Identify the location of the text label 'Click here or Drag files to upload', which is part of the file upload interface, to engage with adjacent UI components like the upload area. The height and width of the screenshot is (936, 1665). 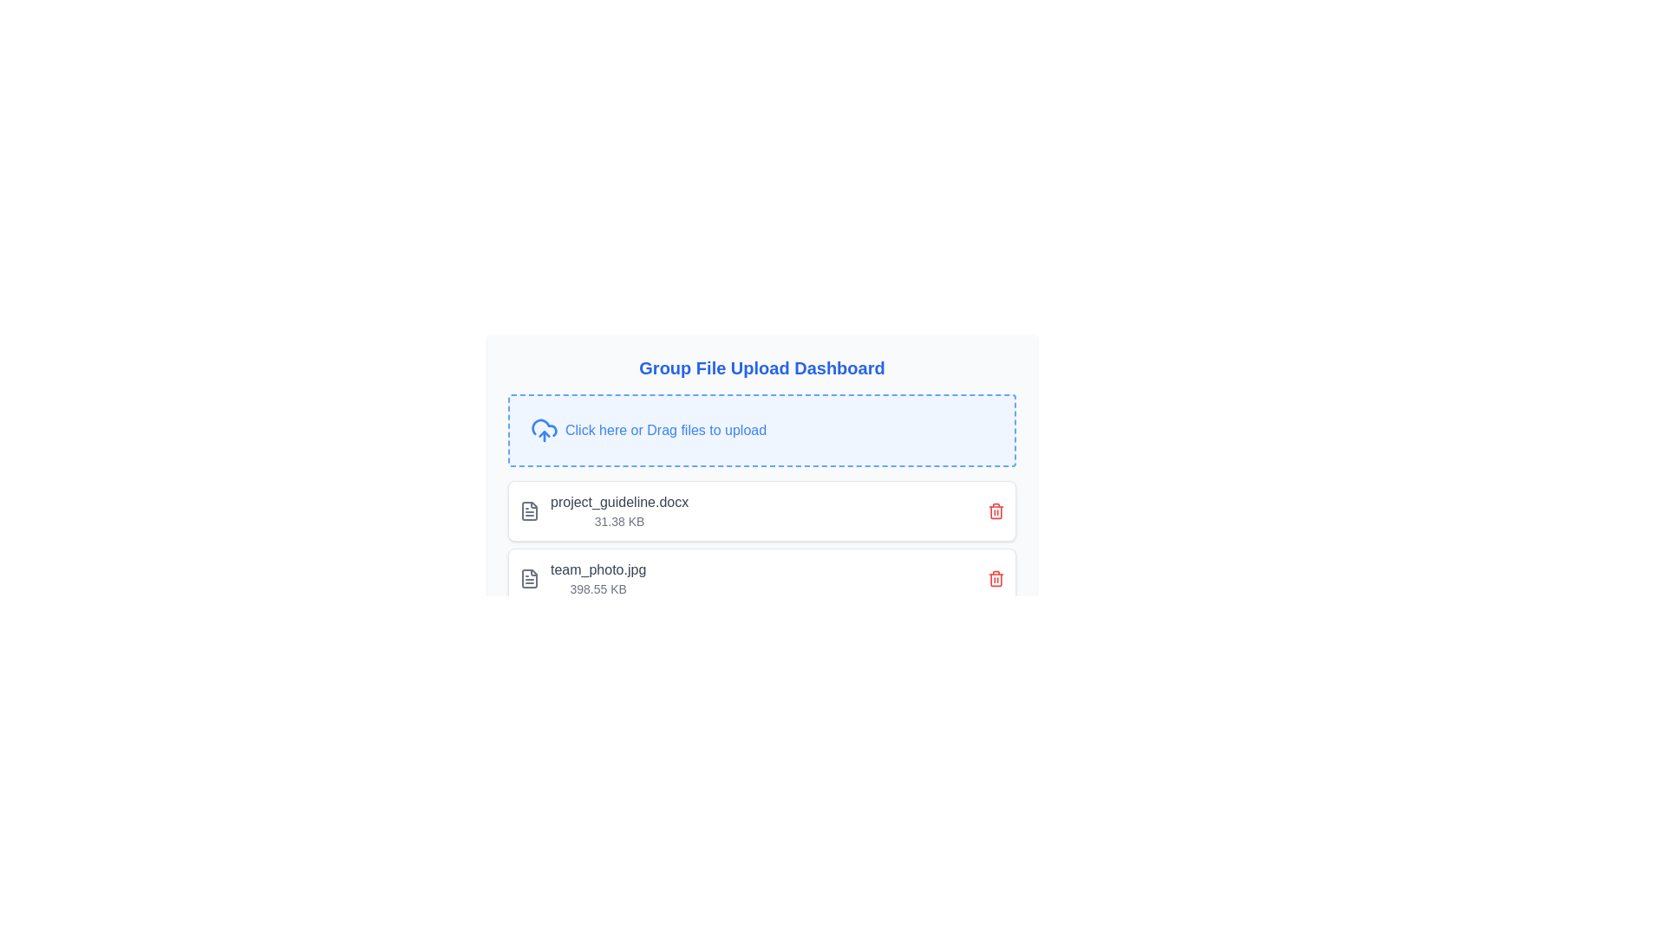
(665, 430).